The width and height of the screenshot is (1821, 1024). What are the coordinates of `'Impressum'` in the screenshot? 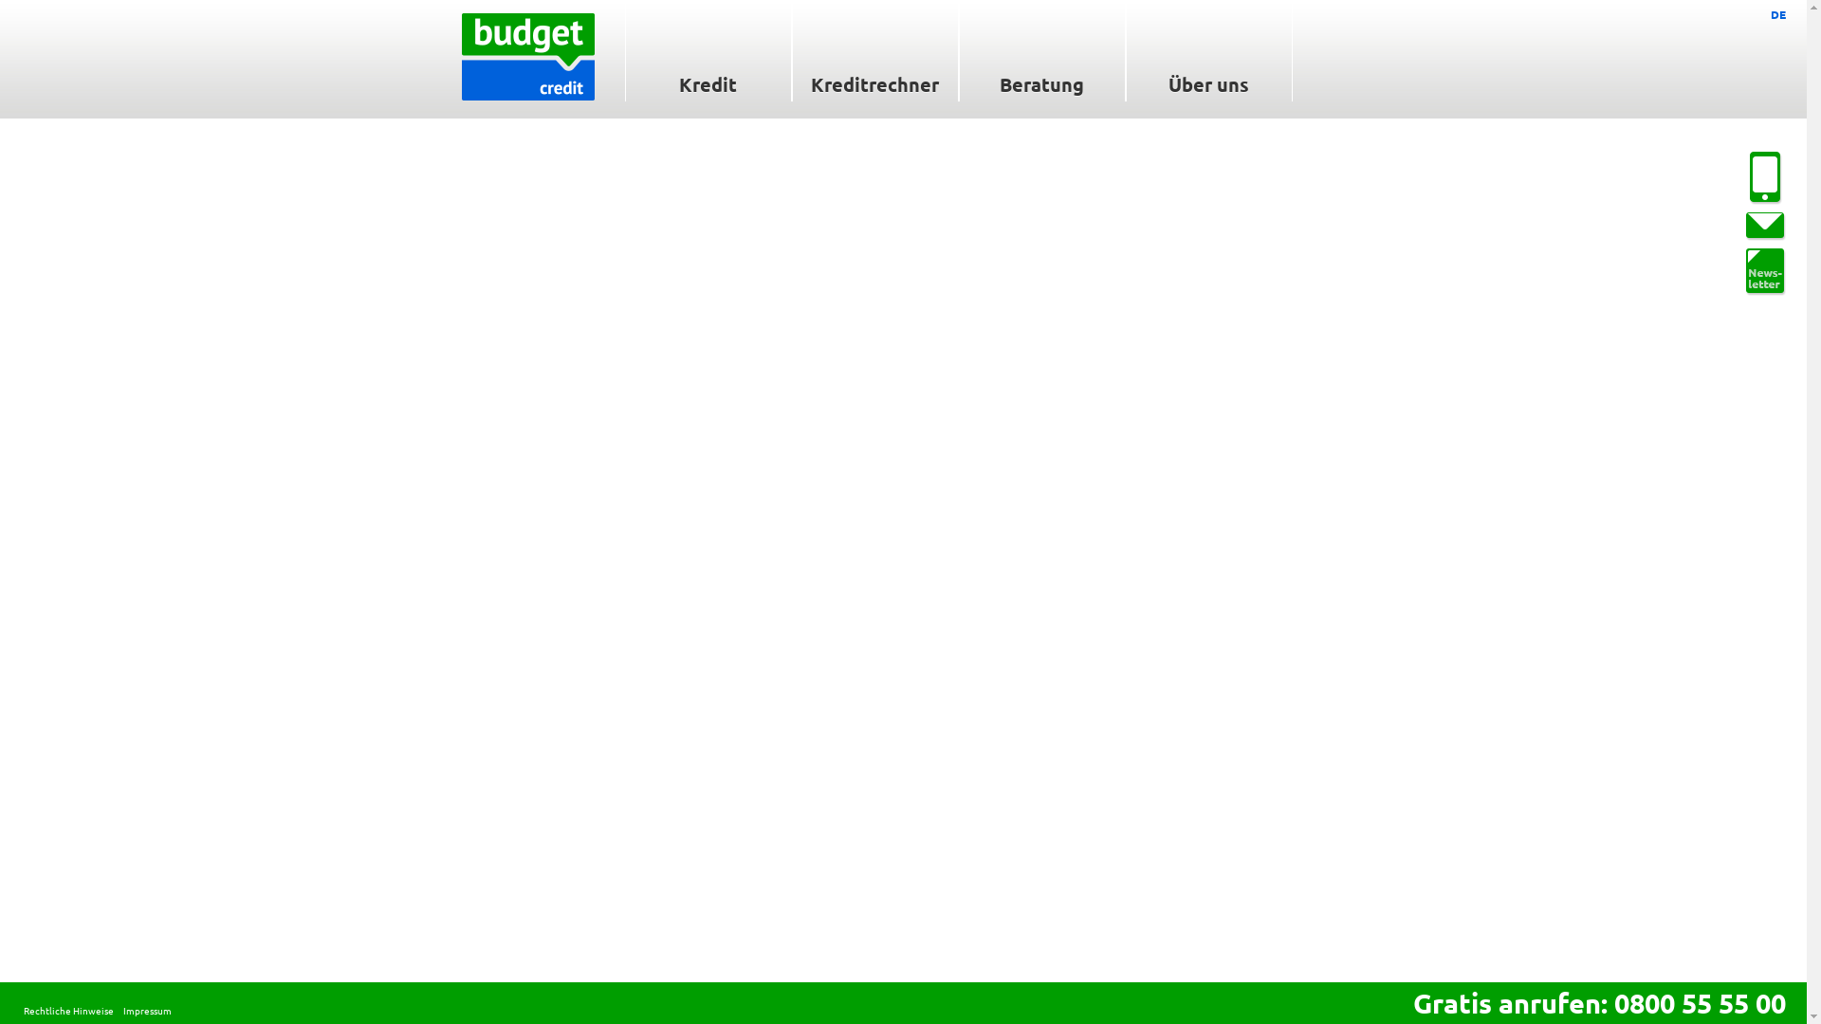 It's located at (121, 1009).